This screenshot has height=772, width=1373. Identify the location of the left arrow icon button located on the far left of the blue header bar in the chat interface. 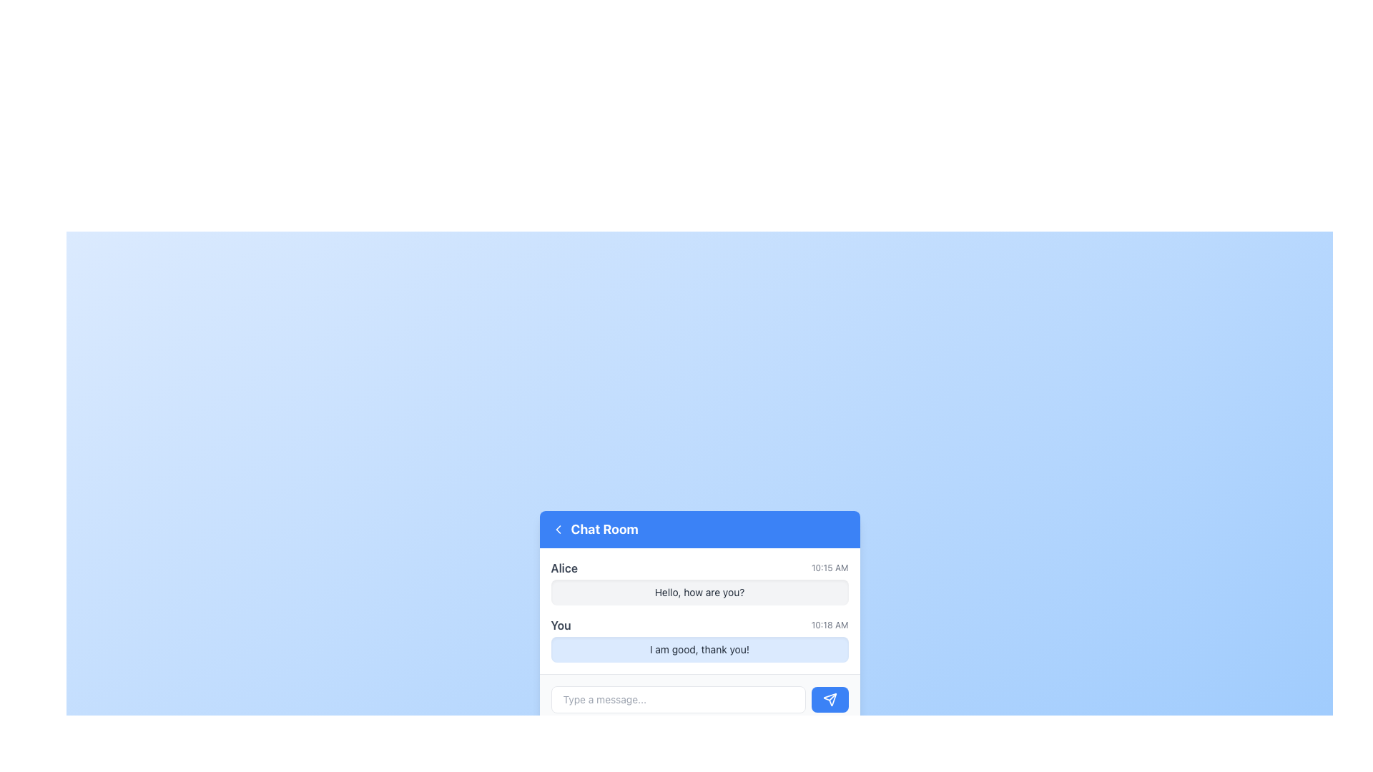
(557, 529).